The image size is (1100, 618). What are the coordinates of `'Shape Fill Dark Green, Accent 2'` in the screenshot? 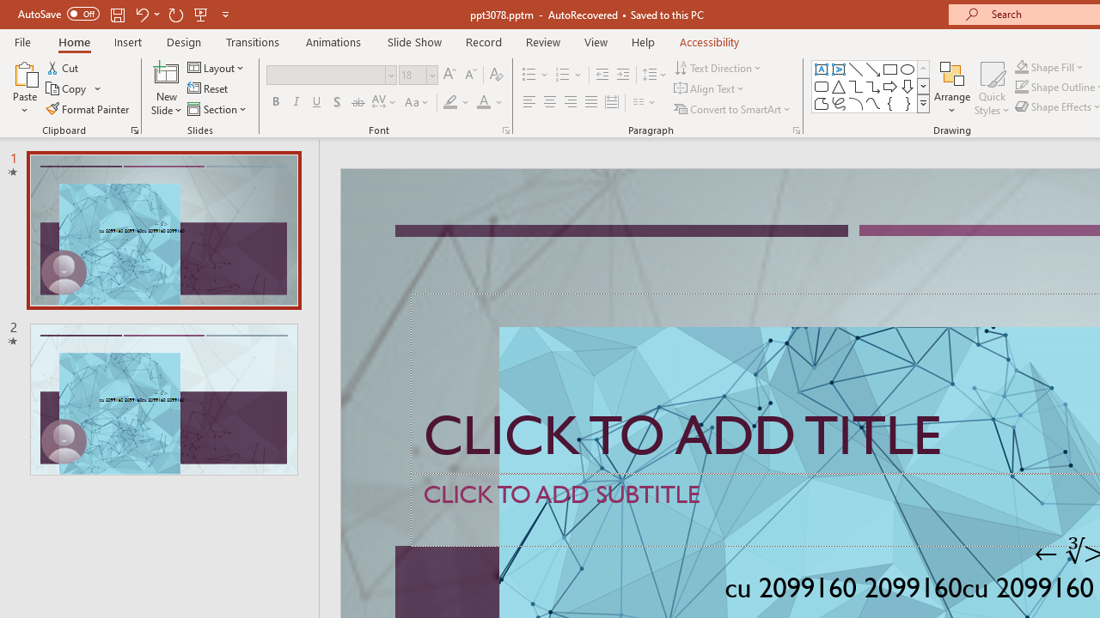 It's located at (1022, 66).